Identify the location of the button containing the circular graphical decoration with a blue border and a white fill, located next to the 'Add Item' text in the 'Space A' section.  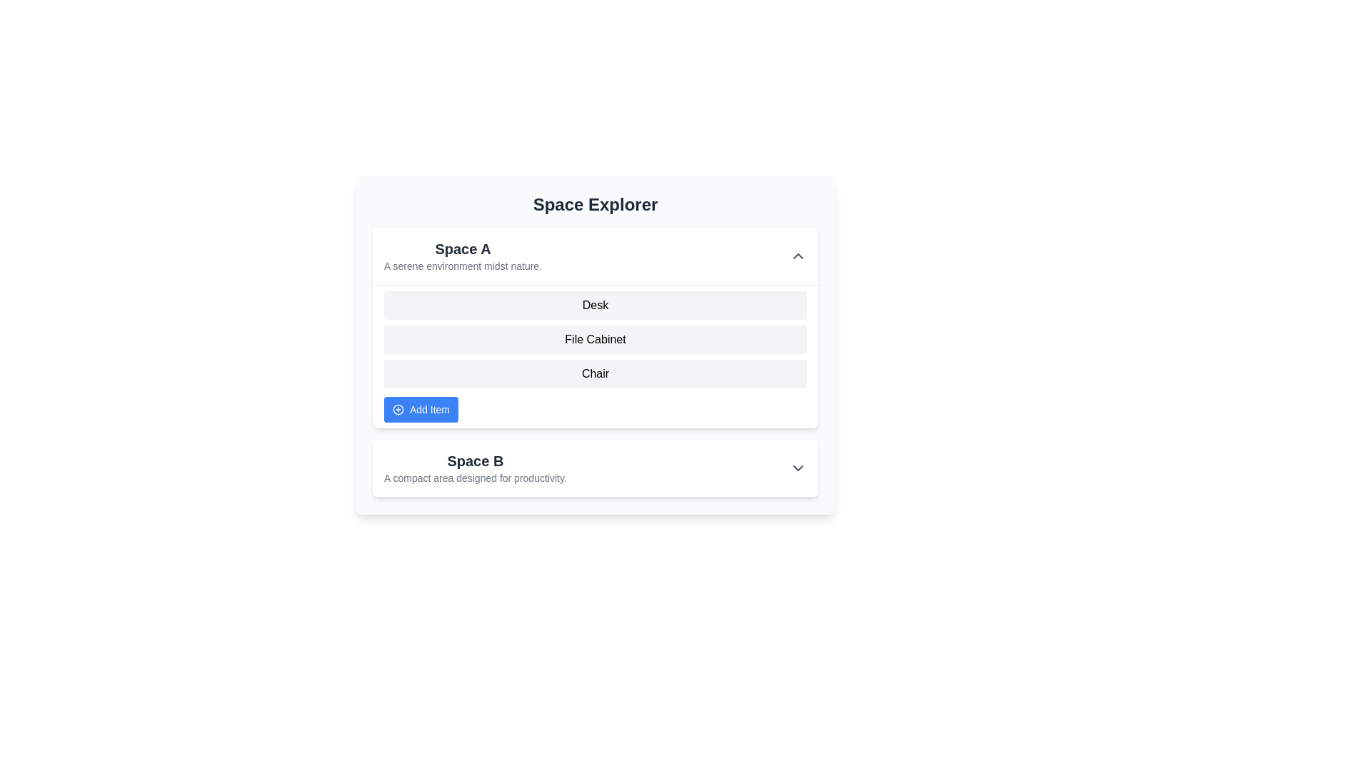
(398, 410).